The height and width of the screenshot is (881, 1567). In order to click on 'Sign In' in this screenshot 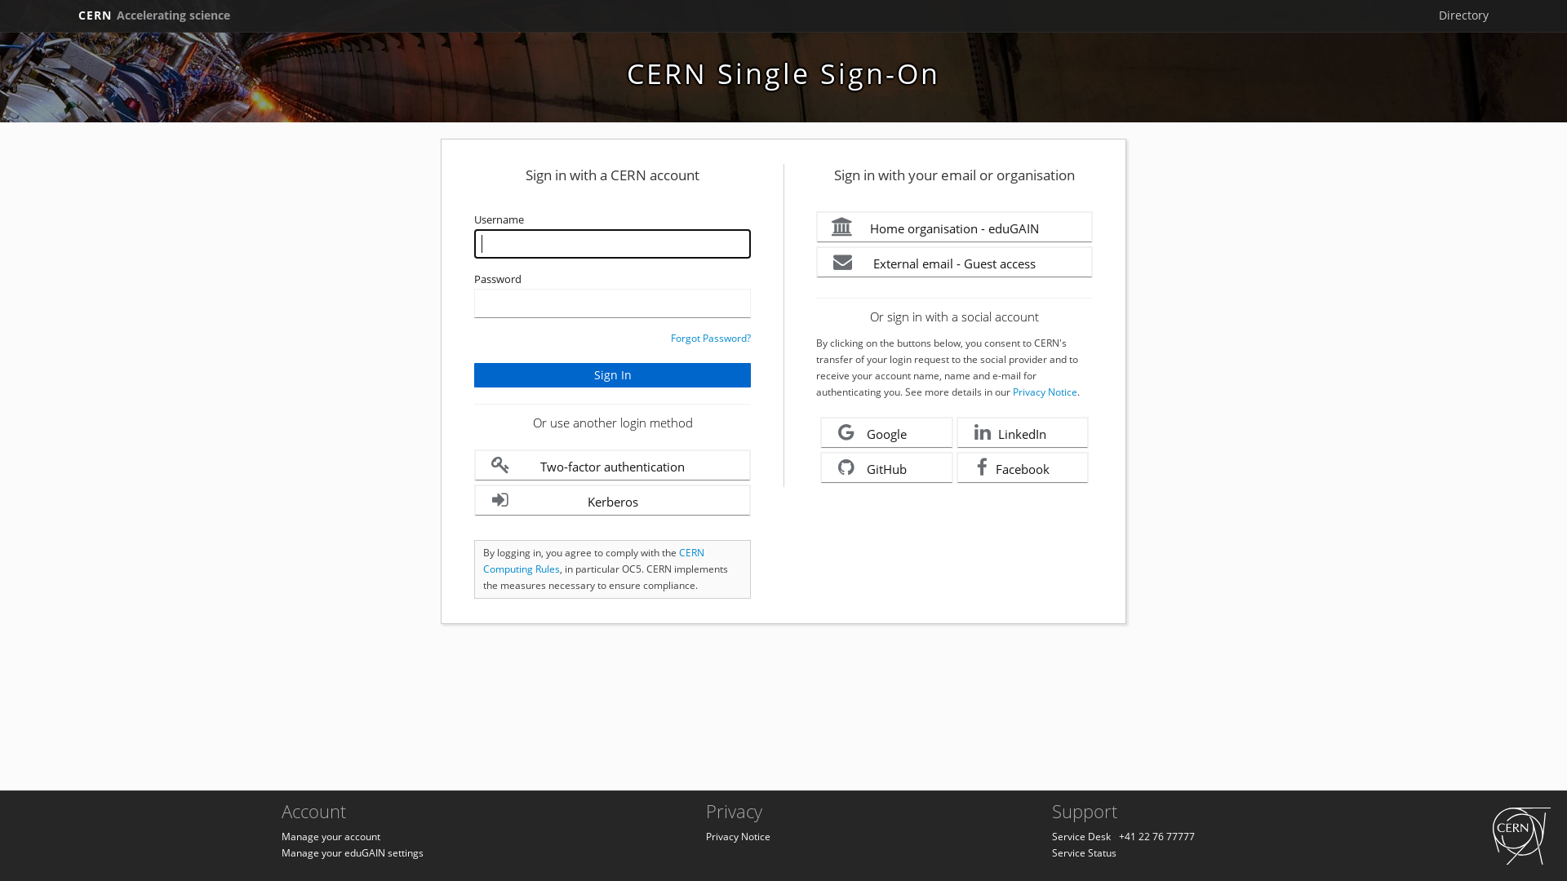, I will do `click(611, 375)`.